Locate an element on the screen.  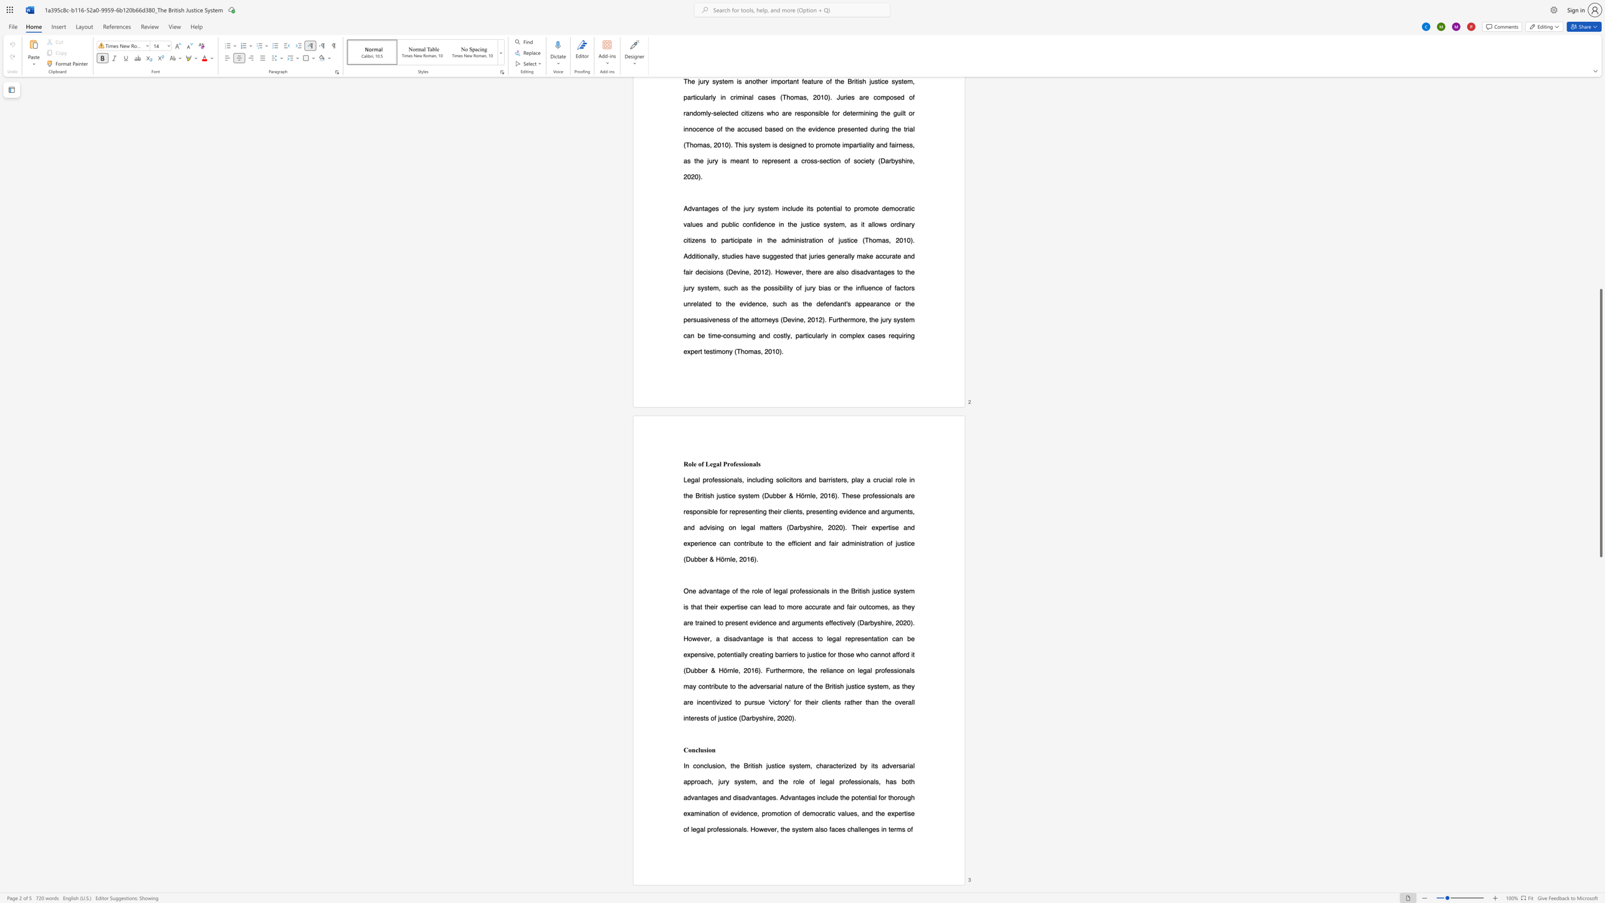
the scrollbar on the right side to scroll the page up is located at coordinates (1600, 258).